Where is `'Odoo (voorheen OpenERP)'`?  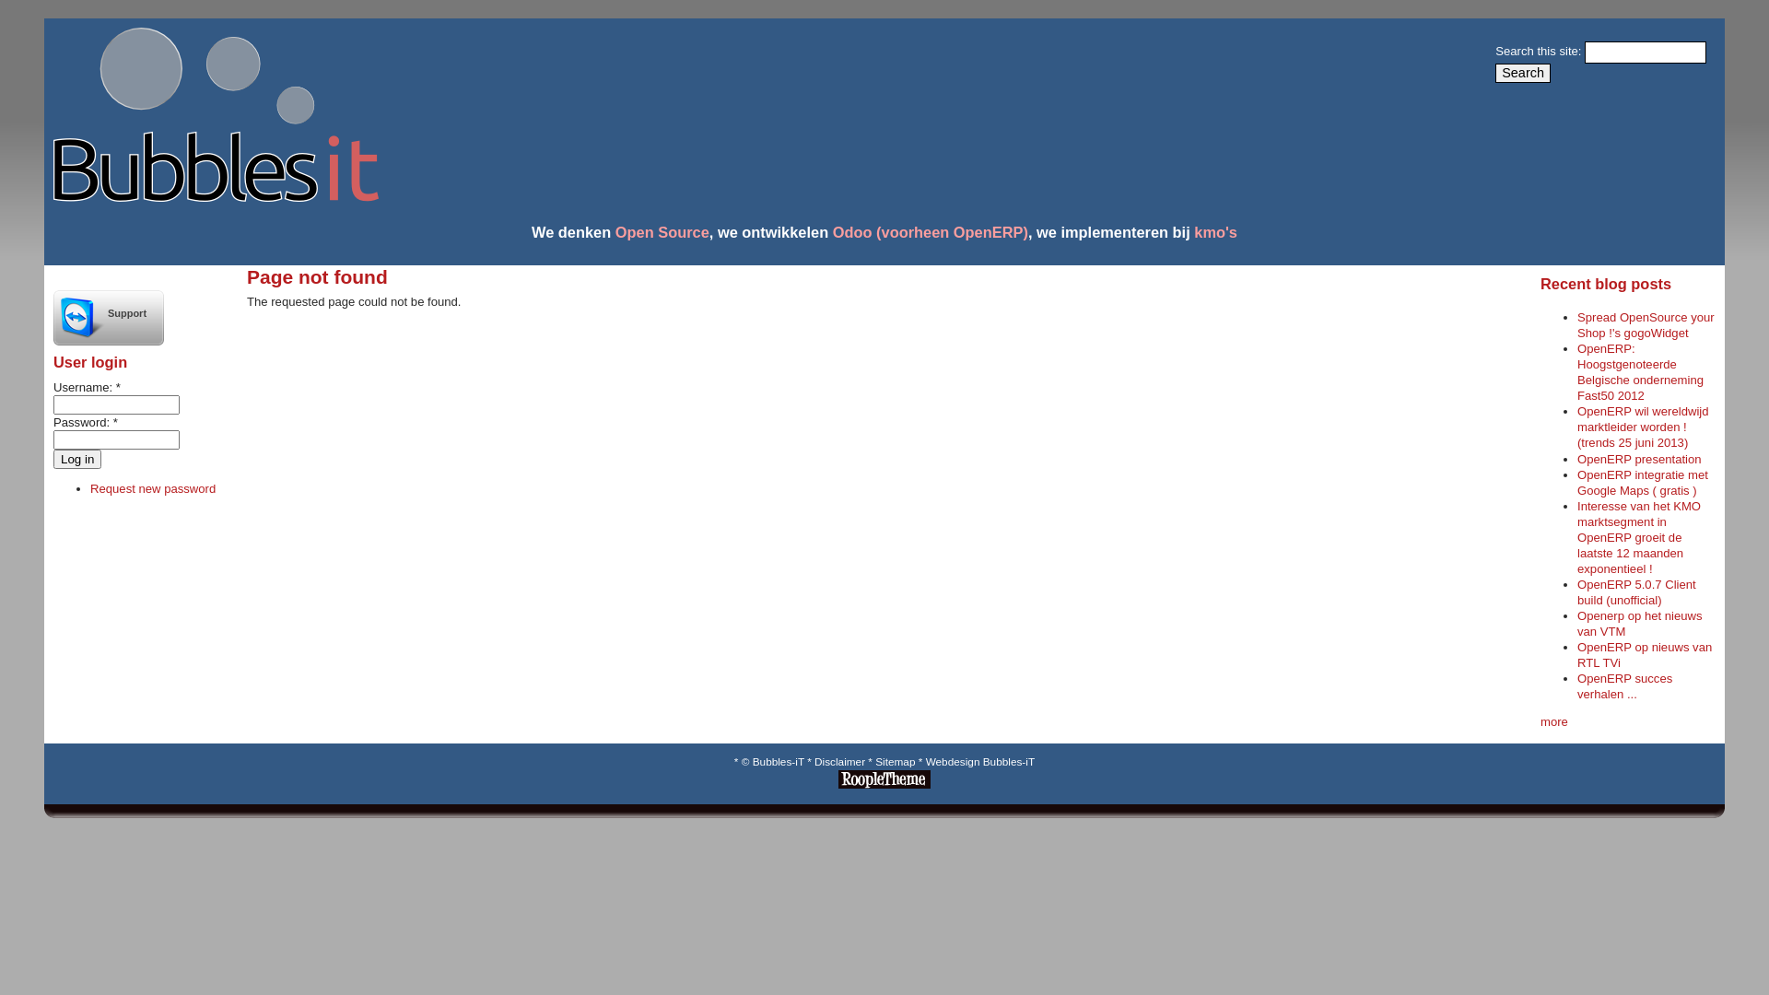 'Odoo (voorheen OpenERP)' is located at coordinates (930, 230).